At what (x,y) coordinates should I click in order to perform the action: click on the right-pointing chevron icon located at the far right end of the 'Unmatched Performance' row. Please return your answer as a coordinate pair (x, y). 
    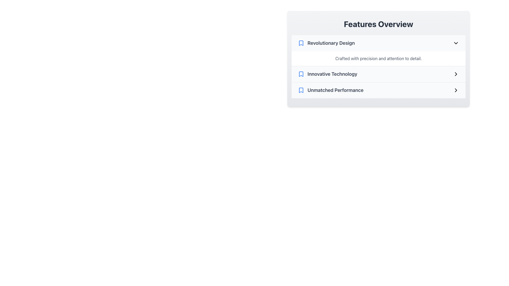
    Looking at the image, I should click on (455, 90).